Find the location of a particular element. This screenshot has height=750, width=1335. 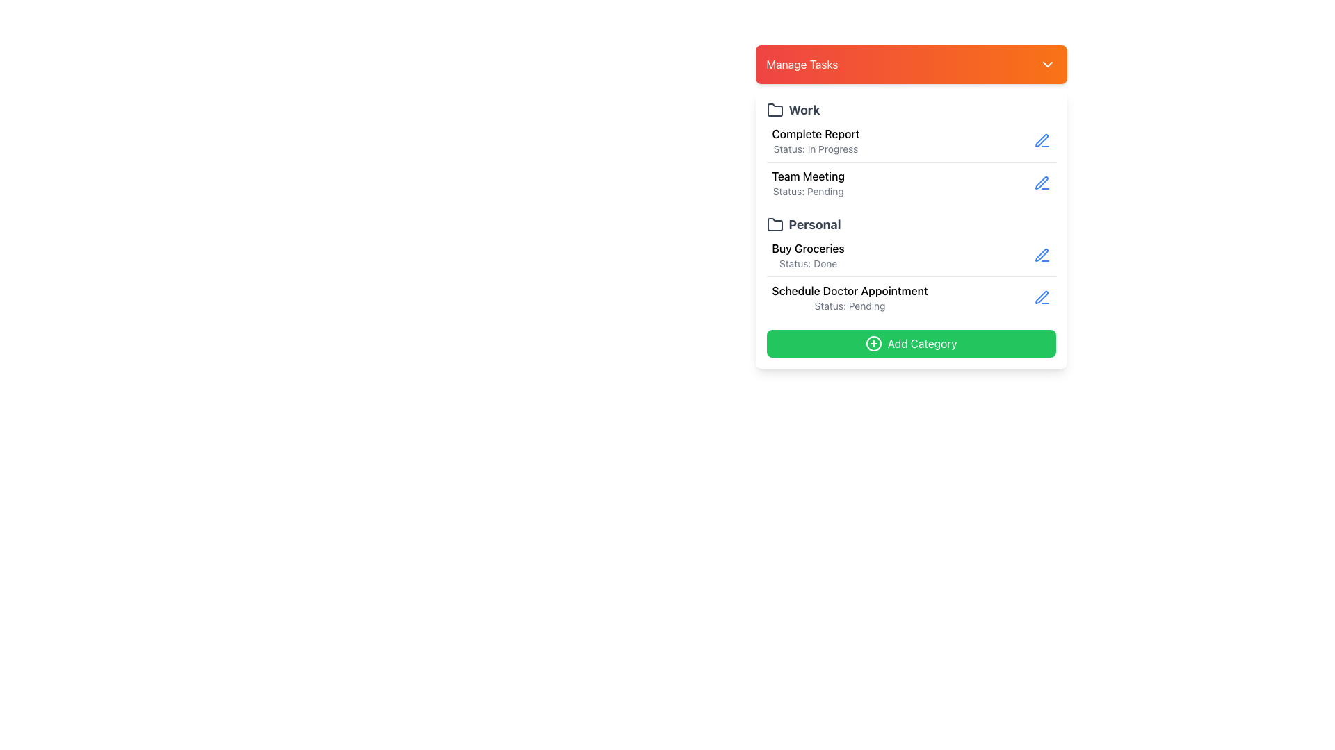

the topmost button that manages tasks is located at coordinates (911, 64).